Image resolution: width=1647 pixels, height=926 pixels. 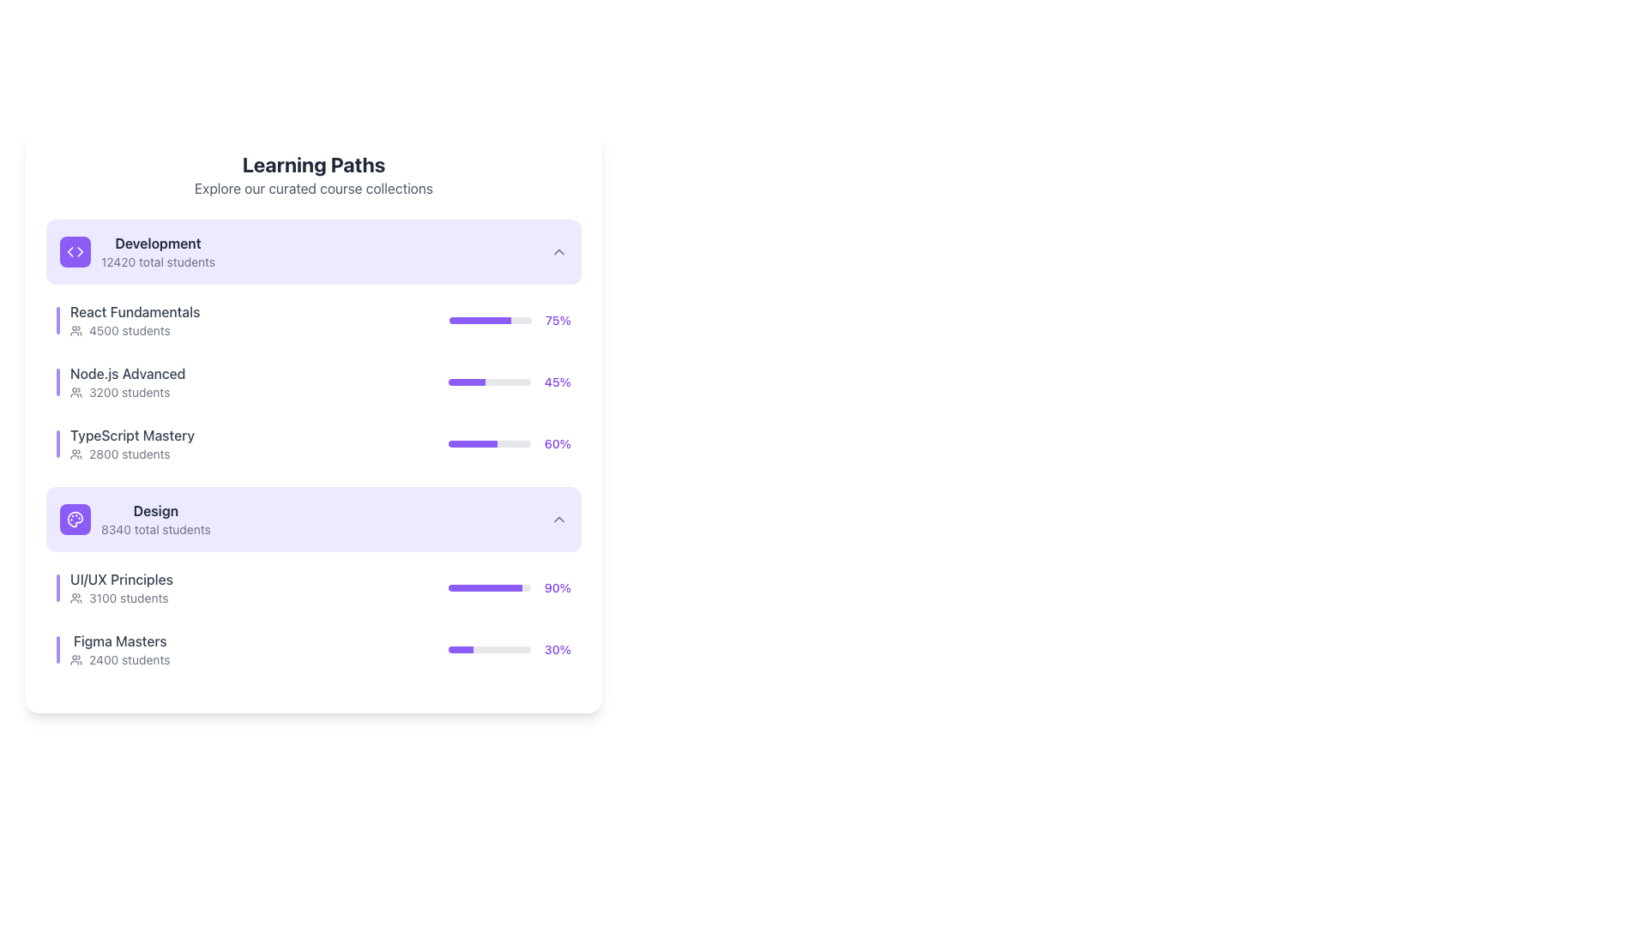 What do you see at coordinates (313, 382) in the screenshot?
I see `the course title of the 'Node.js Advanced' course in the second row under the 'Development' section` at bounding box center [313, 382].